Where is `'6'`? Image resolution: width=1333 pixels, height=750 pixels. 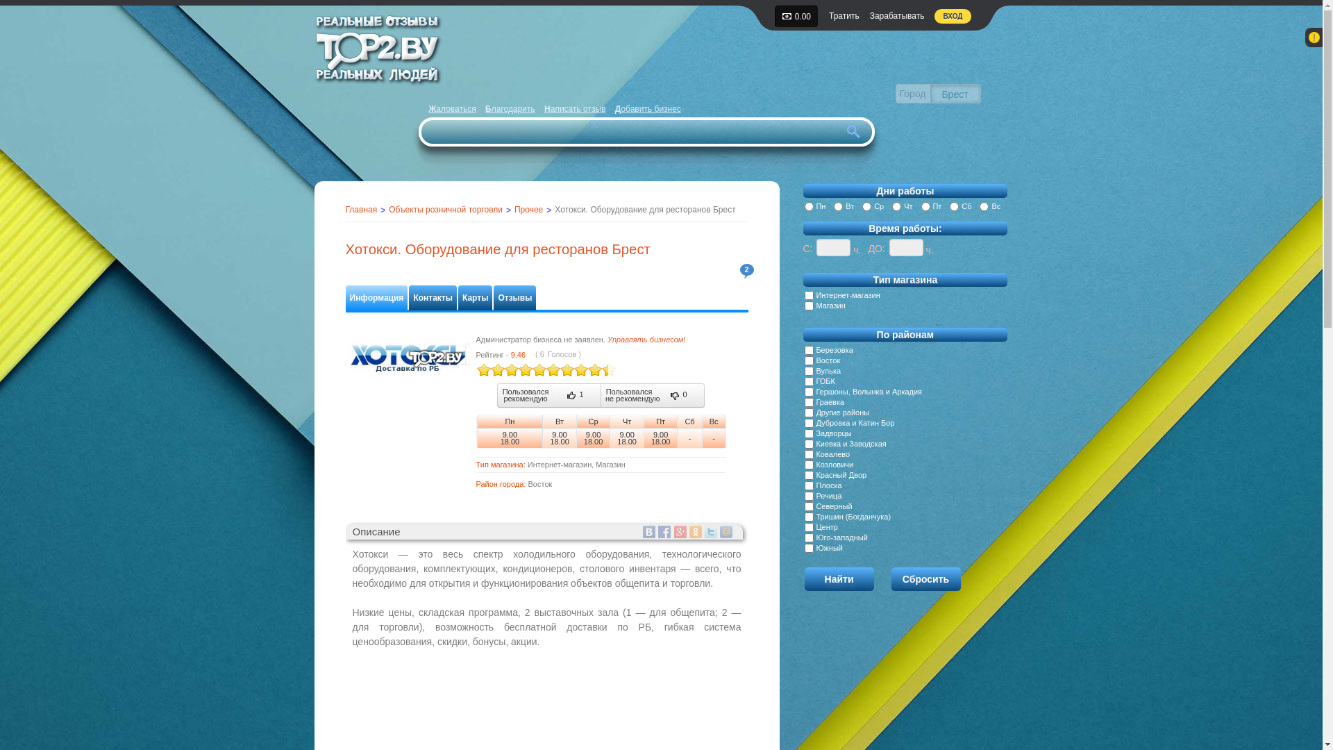 '6' is located at coordinates (517, 369).